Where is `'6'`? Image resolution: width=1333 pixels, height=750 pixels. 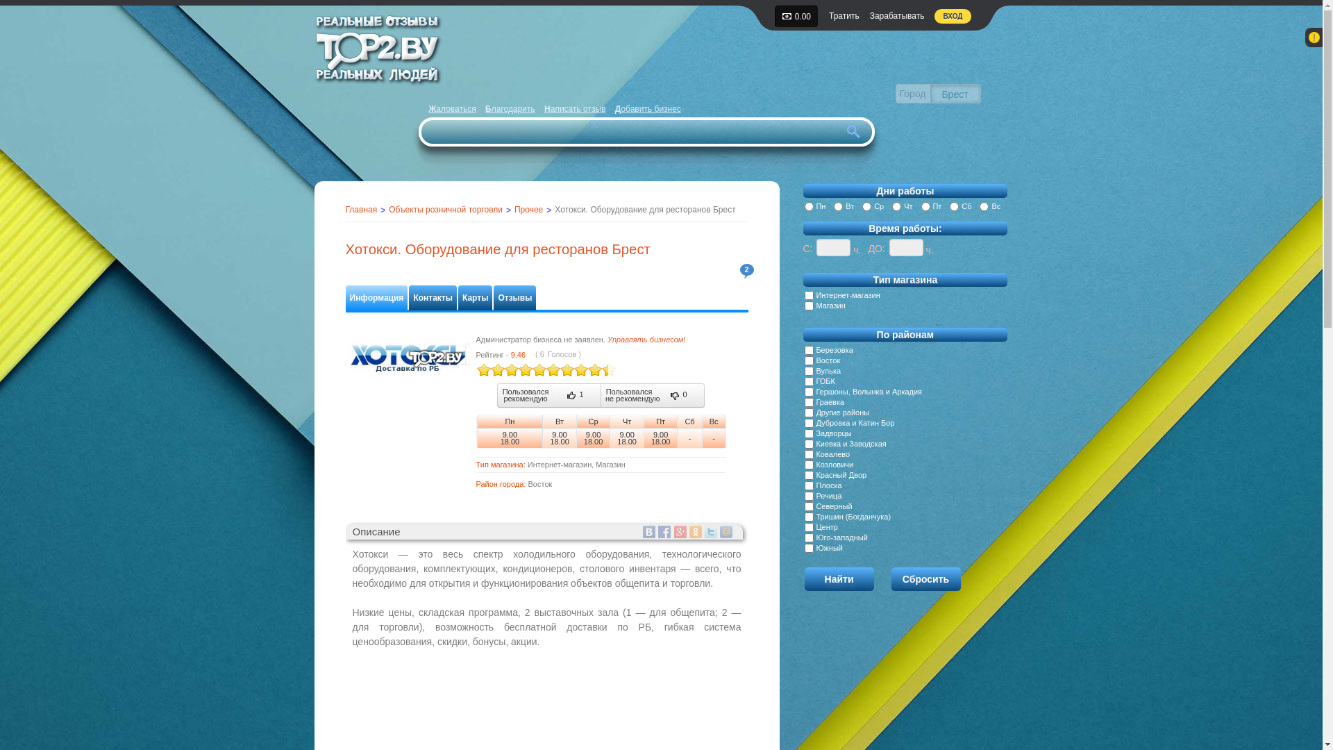 '6' is located at coordinates (517, 369).